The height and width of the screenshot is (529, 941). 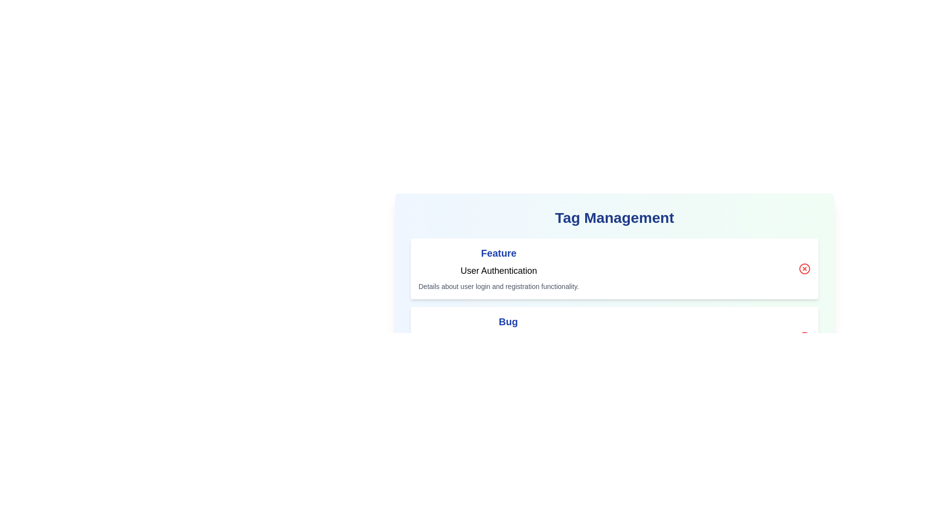 What do you see at coordinates (804, 268) in the screenshot?
I see `the red circular icon with a cross (X) symbol` at bounding box center [804, 268].